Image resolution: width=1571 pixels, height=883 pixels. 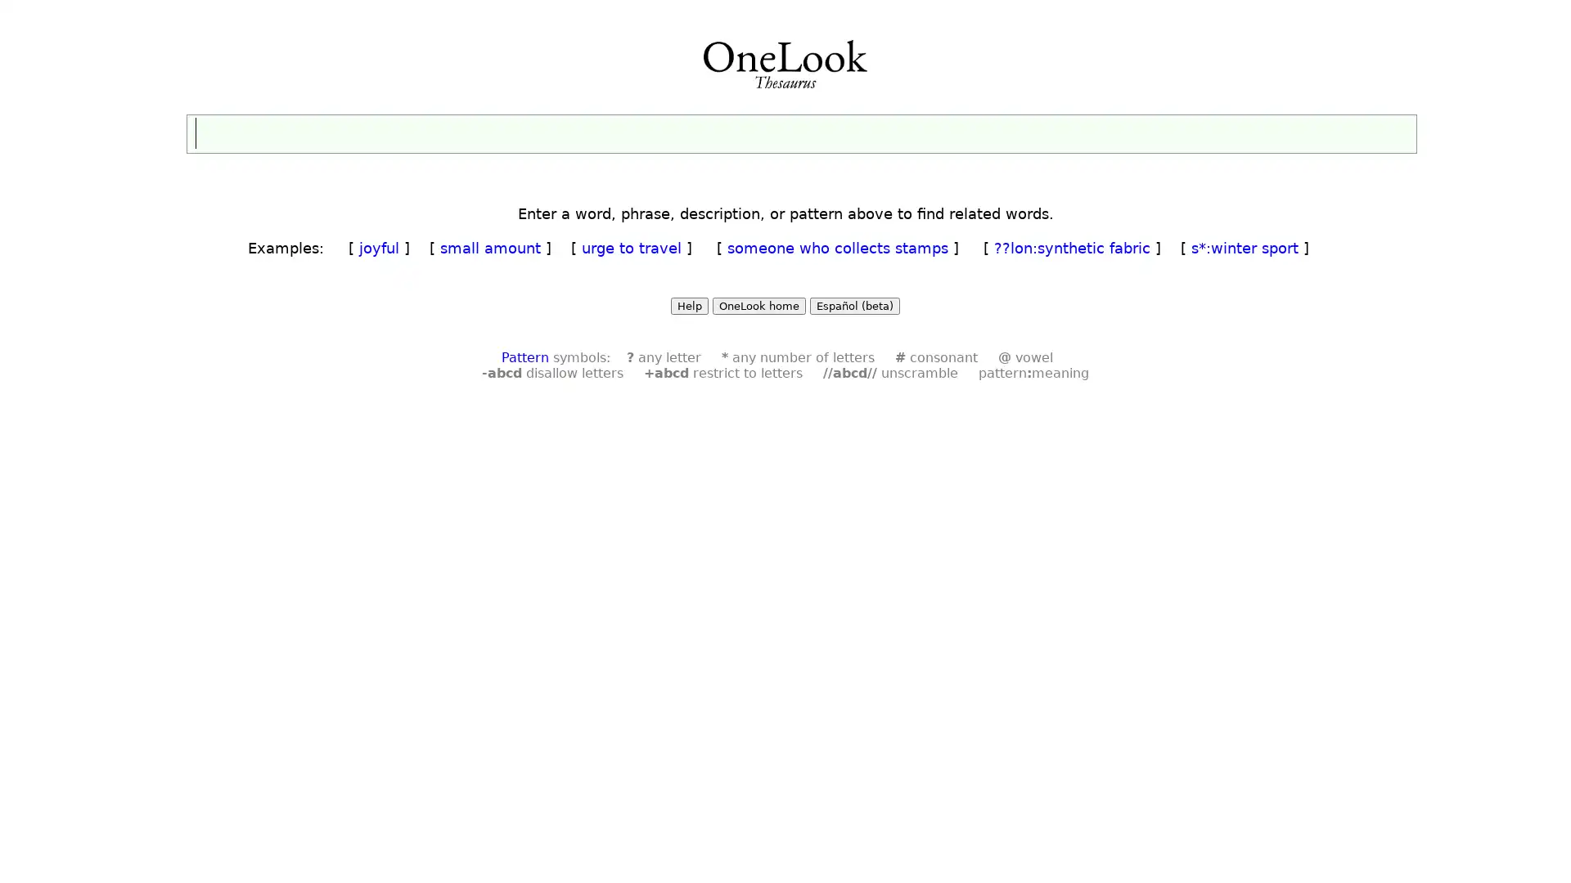 What do you see at coordinates (690, 306) in the screenshot?
I see `Help` at bounding box center [690, 306].